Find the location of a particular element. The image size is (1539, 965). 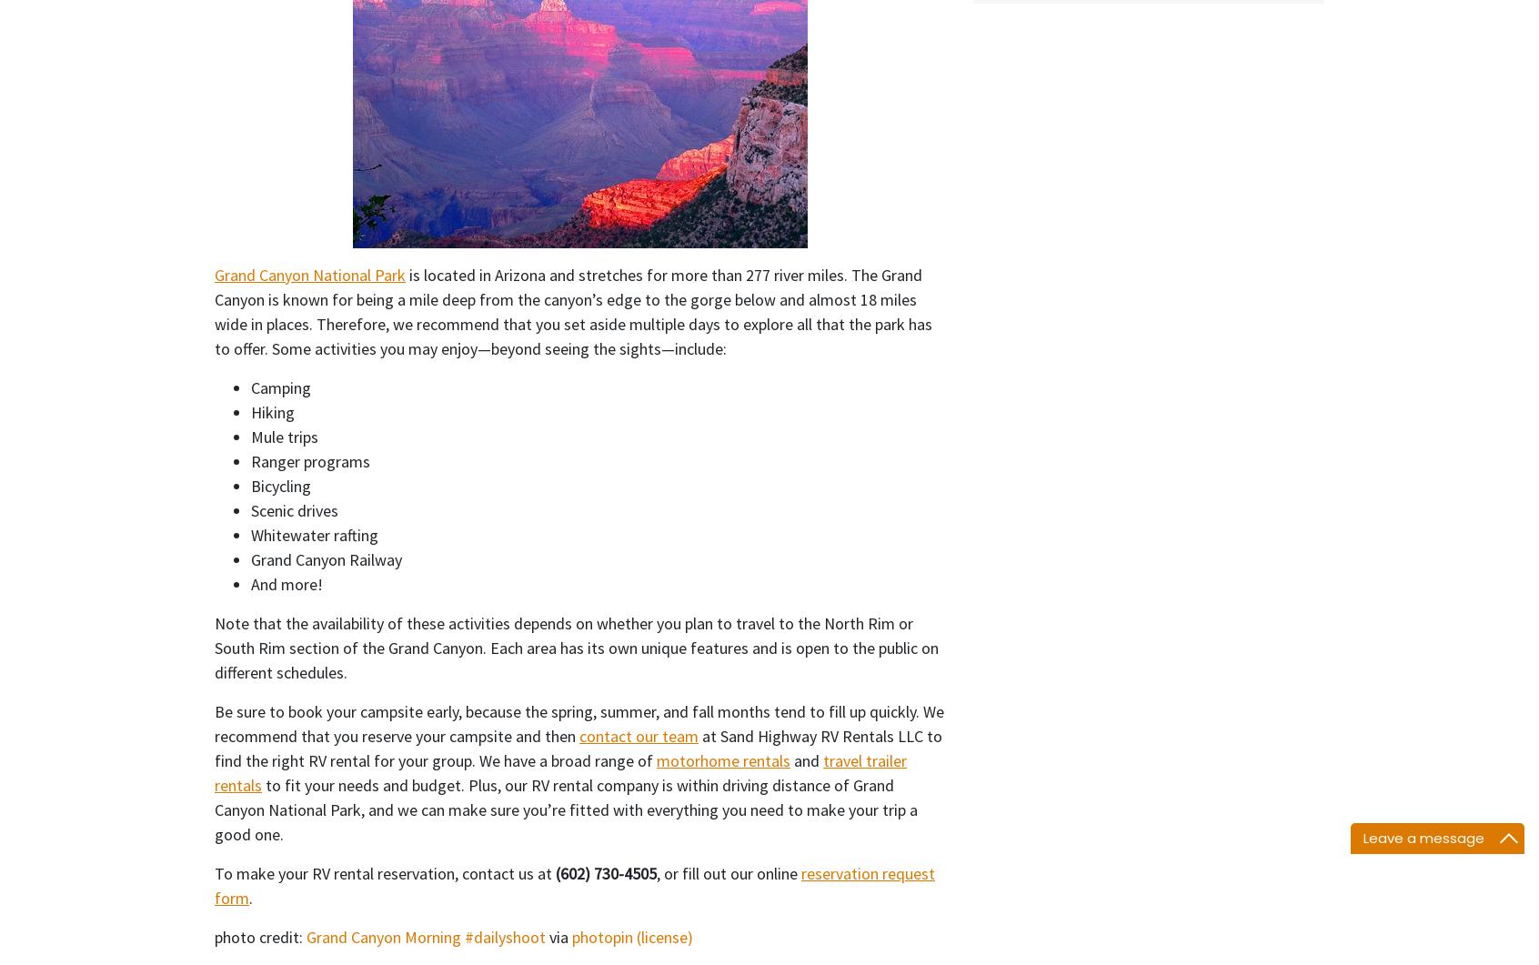

'Grand Canyon National Park' is located at coordinates (308, 273).